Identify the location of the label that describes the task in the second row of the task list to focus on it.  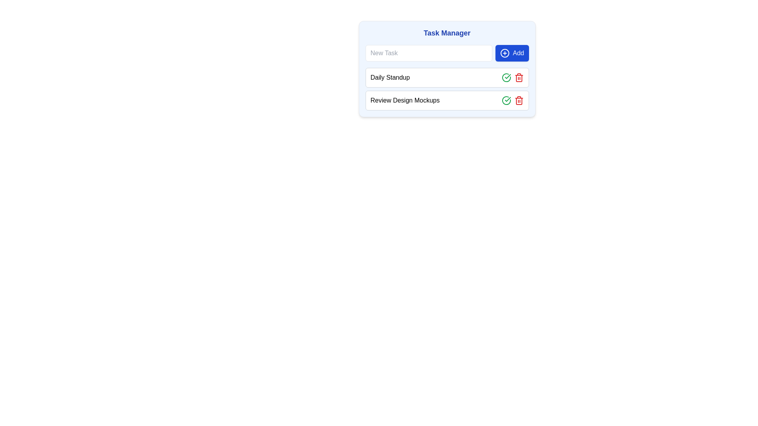
(405, 100).